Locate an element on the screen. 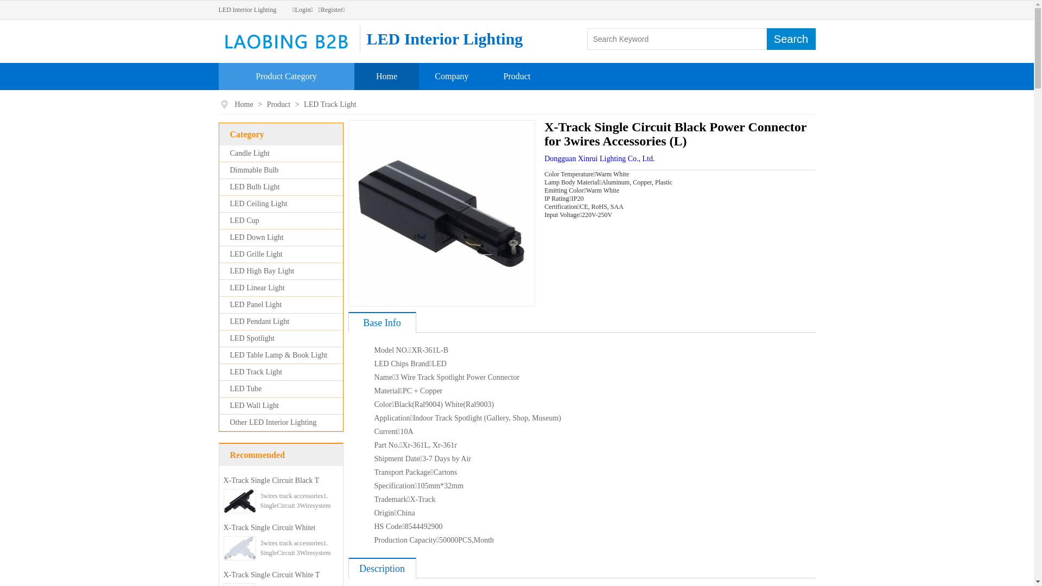 The image size is (1042, 586). 'LED Spotlight' is located at coordinates (229, 337).